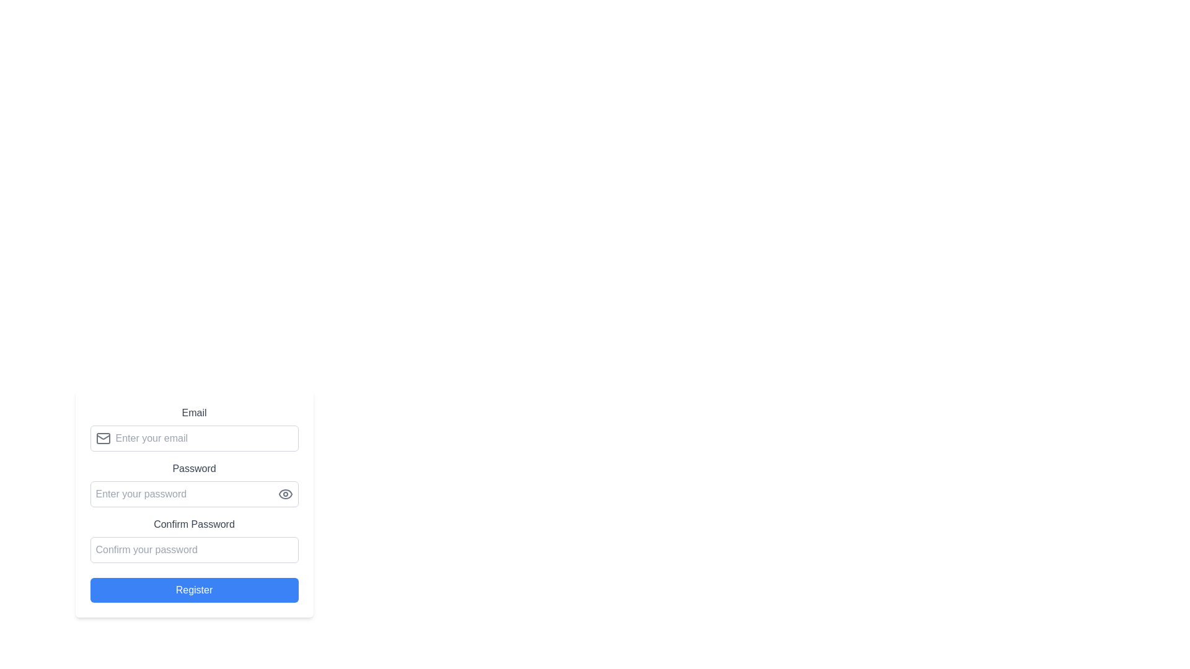 This screenshot has width=1190, height=669. Describe the element at coordinates (193, 413) in the screenshot. I see `the 'Email' text label which is bold and gray-colored, positioned above the email input field` at that location.